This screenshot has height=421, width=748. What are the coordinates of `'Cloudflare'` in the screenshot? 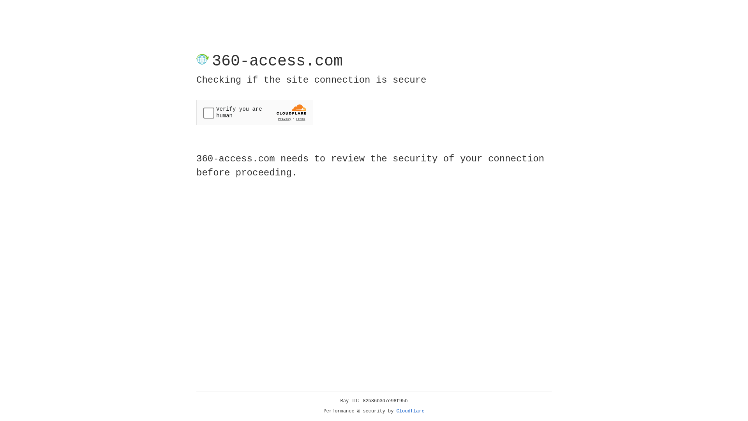 It's located at (396, 411).